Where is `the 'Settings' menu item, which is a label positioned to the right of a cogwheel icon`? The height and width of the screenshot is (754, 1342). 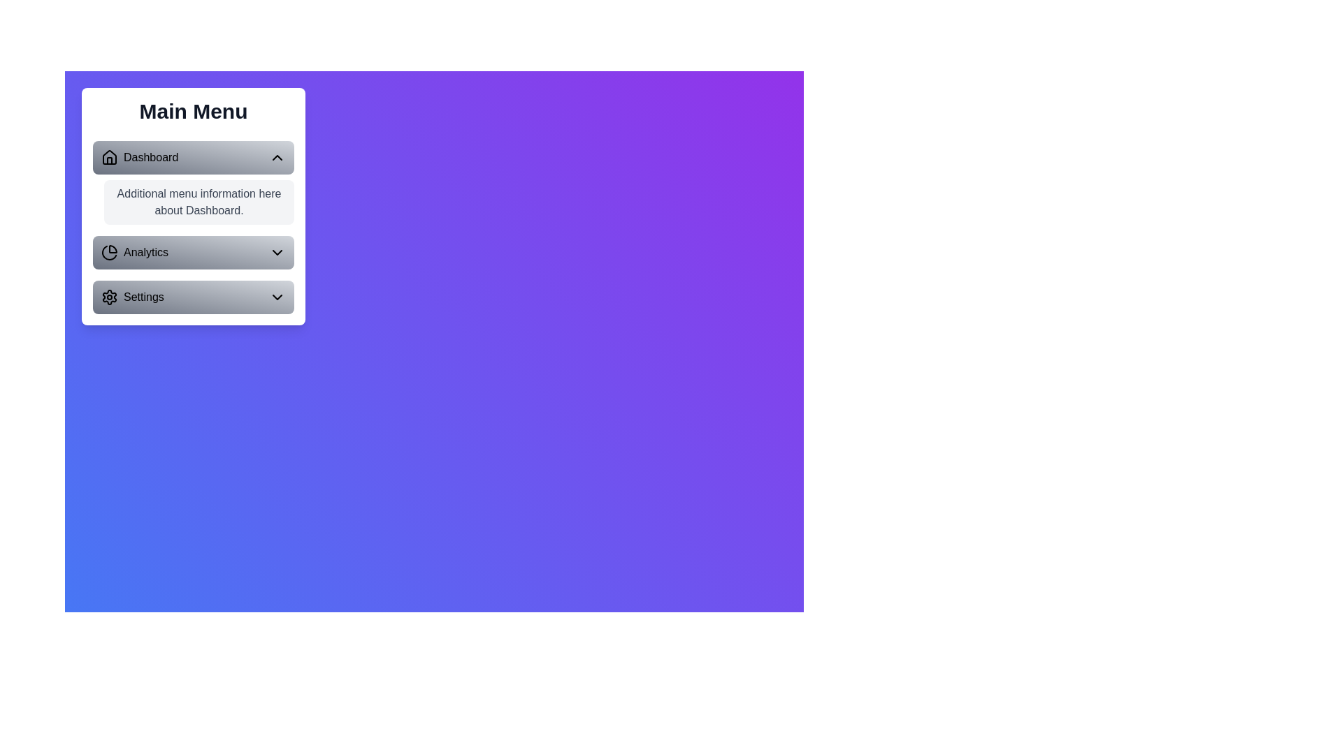 the 'Settings' menu item, which is a label positioned to the right of a cogwheel icon is located at coordinates (132, 296).